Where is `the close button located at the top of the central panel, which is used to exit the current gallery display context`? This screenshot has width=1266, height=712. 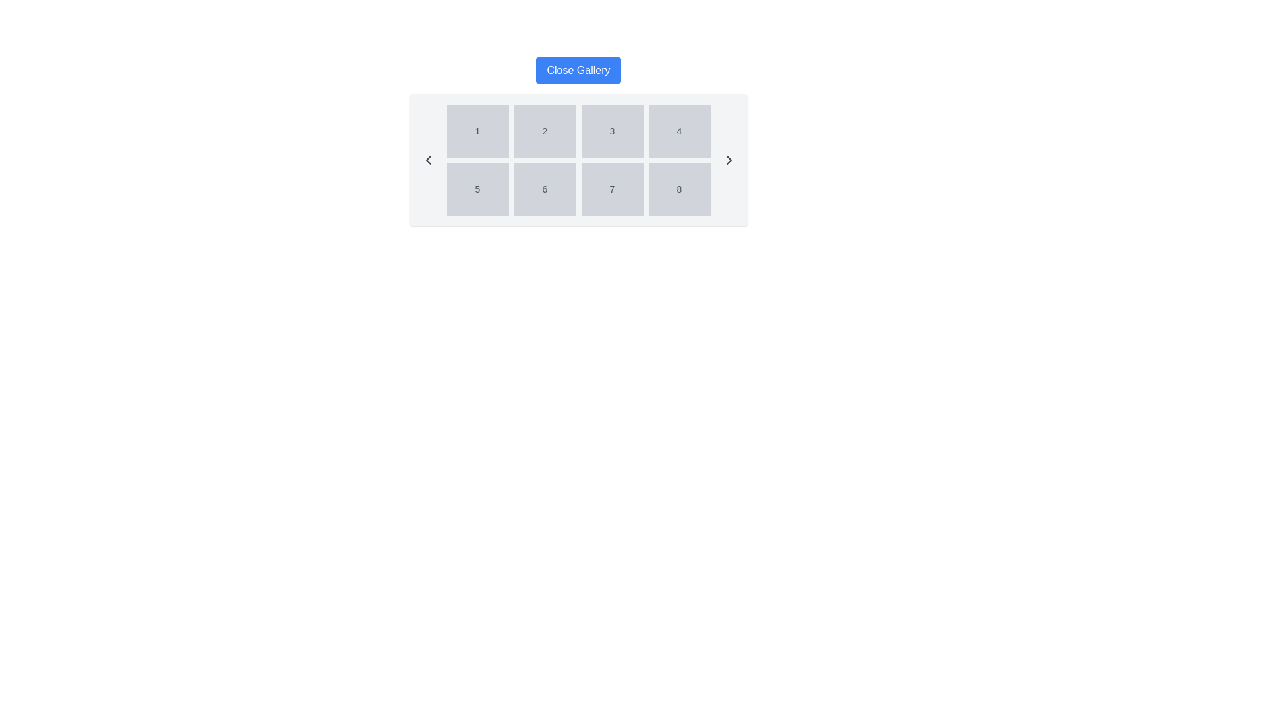 the close button located at the top of the central panel, which is used to exit the current gallery display context is located at coordinates (578, 71).